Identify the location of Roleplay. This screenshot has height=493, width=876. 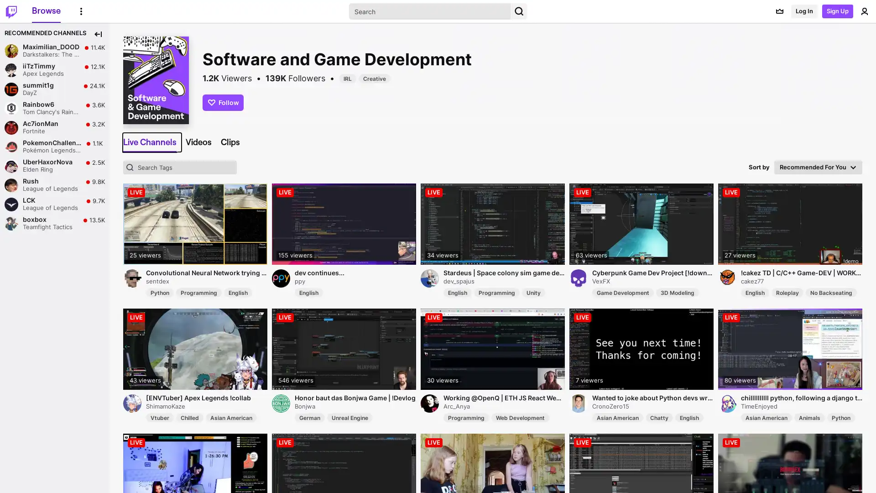
(787, 292).